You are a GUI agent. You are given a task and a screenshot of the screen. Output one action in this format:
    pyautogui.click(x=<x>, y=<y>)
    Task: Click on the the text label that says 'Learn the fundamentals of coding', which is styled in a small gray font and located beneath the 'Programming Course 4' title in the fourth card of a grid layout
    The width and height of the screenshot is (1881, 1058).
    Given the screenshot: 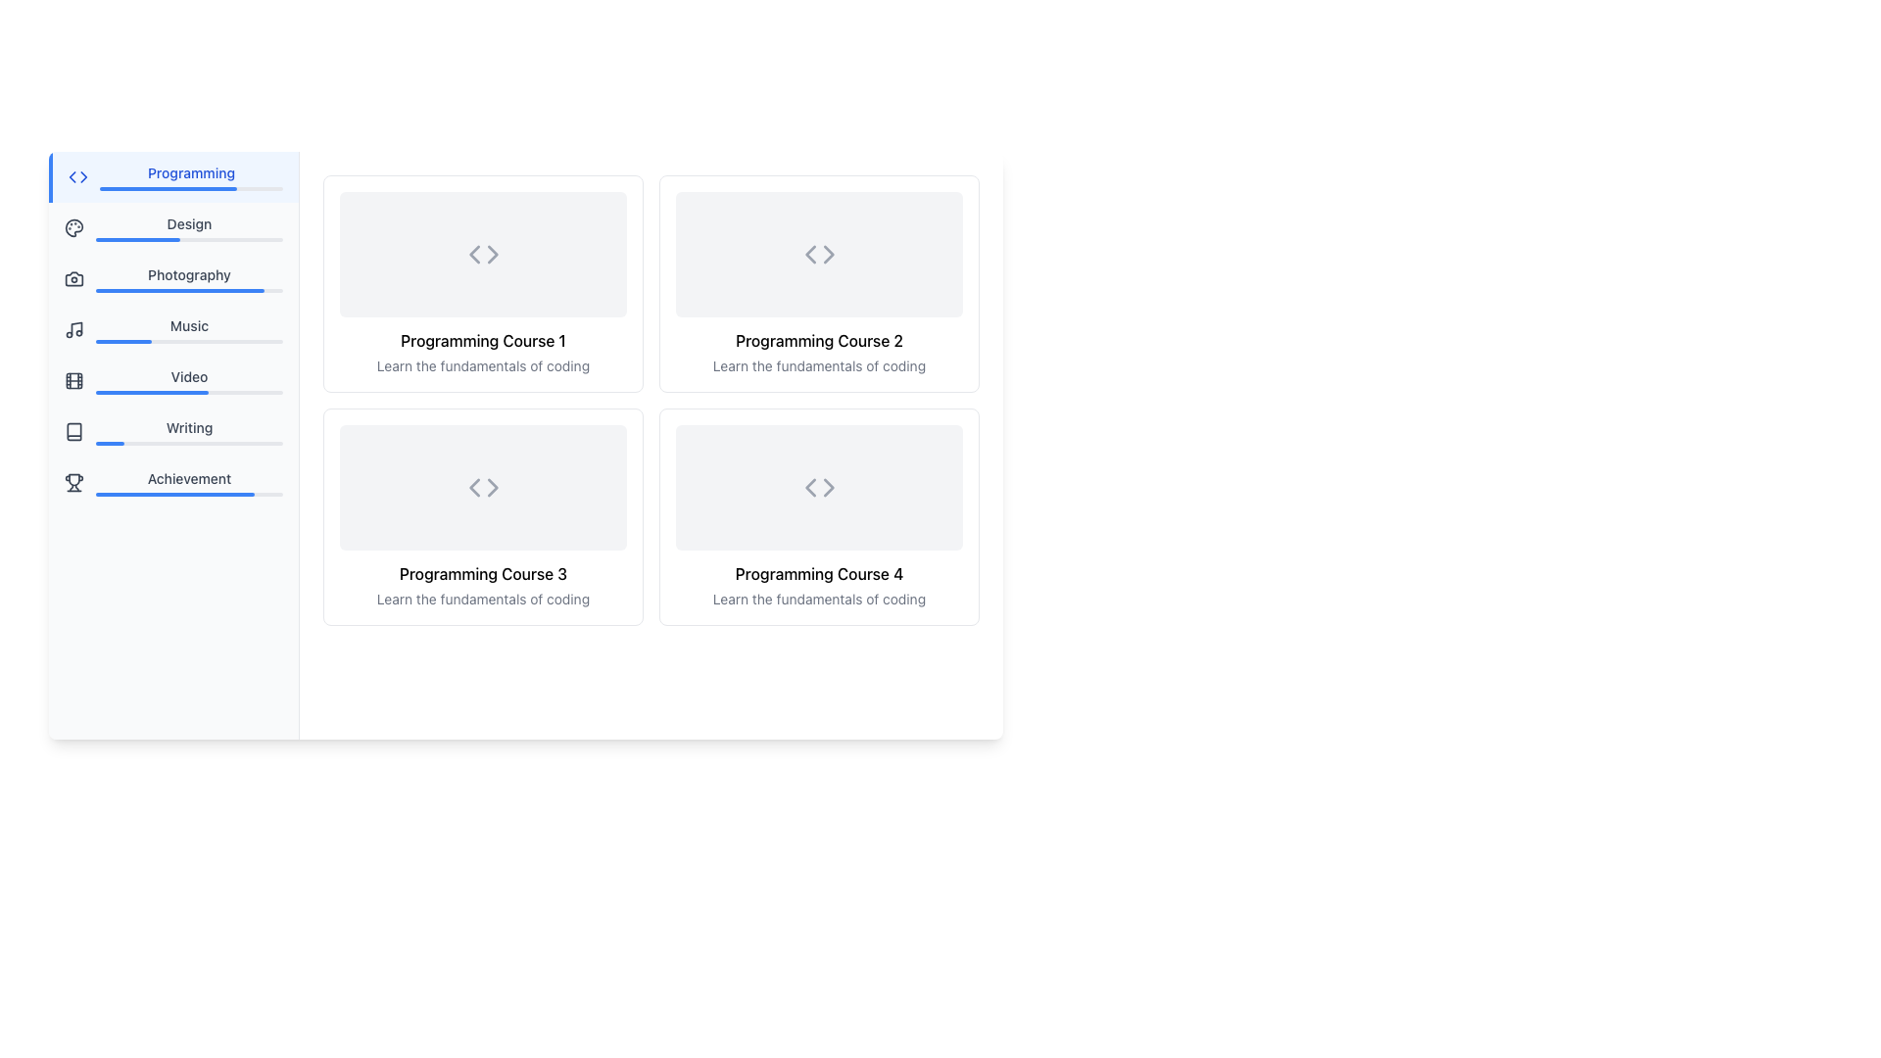 What is the action you would take?
    pyautogui.click(x=819, y=599)
    